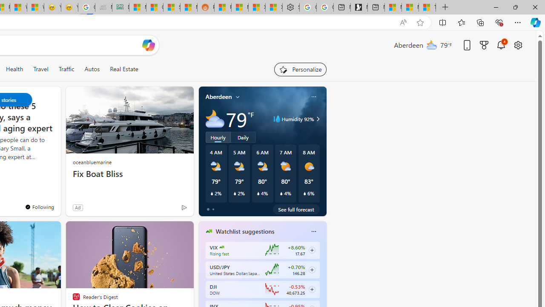 The height and width of the screenshot is (307, 545). I want to click on 'Class: weather-current-precipitation-glyph', so click(304, 193).